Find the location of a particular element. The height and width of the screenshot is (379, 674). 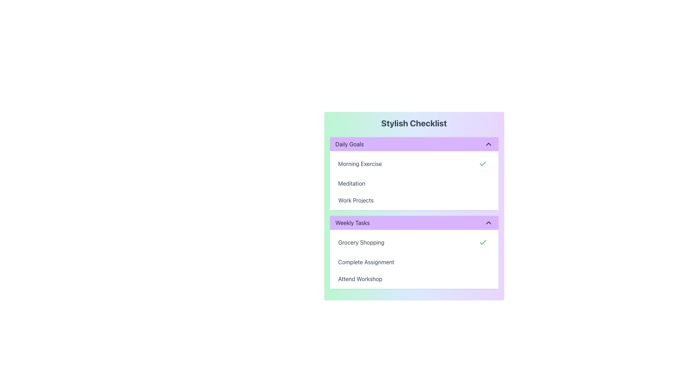

the first text label in the 'Daily Goals' section that displays the name of the first task, positioned above the 'Meditation' label and to the left of the green checkmark icon is located at coordinates (360, 164).